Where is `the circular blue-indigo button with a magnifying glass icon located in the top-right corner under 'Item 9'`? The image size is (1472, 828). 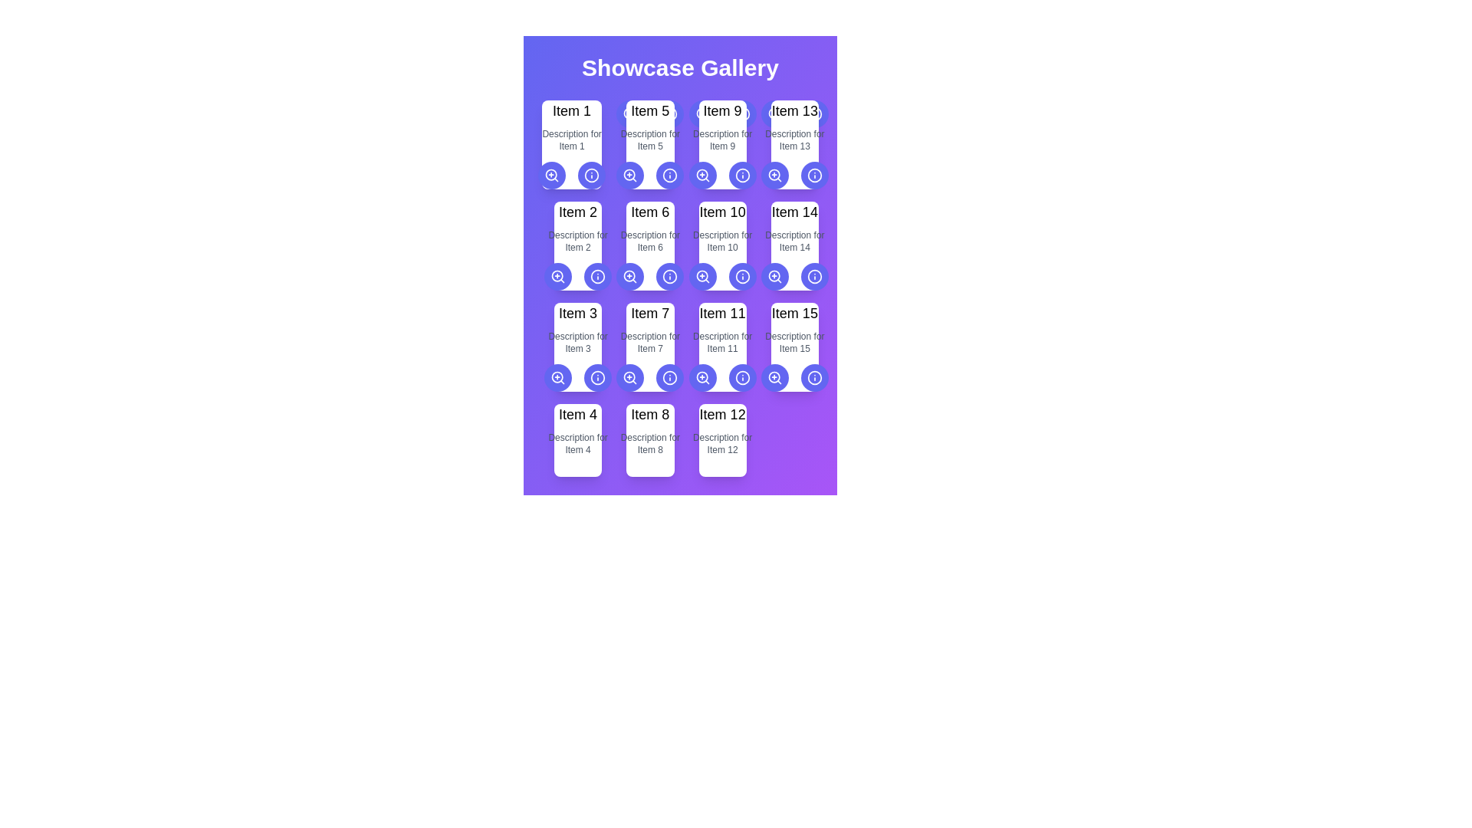
the circular blue-indigo button with a magnifying glass icon located in the top-right corner under 'Item 9' is located at coordinates (774, 174).